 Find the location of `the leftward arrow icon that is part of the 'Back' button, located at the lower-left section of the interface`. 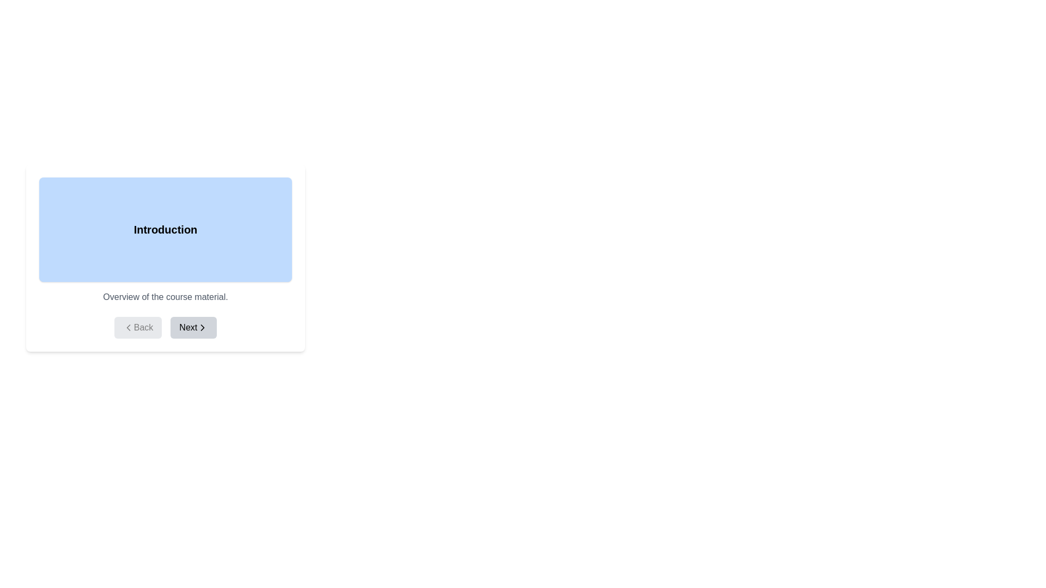

the leftward arrow icon that is part of the 'Back' button, located at the lower-left section of the interface is located at coordinates (128, 327).